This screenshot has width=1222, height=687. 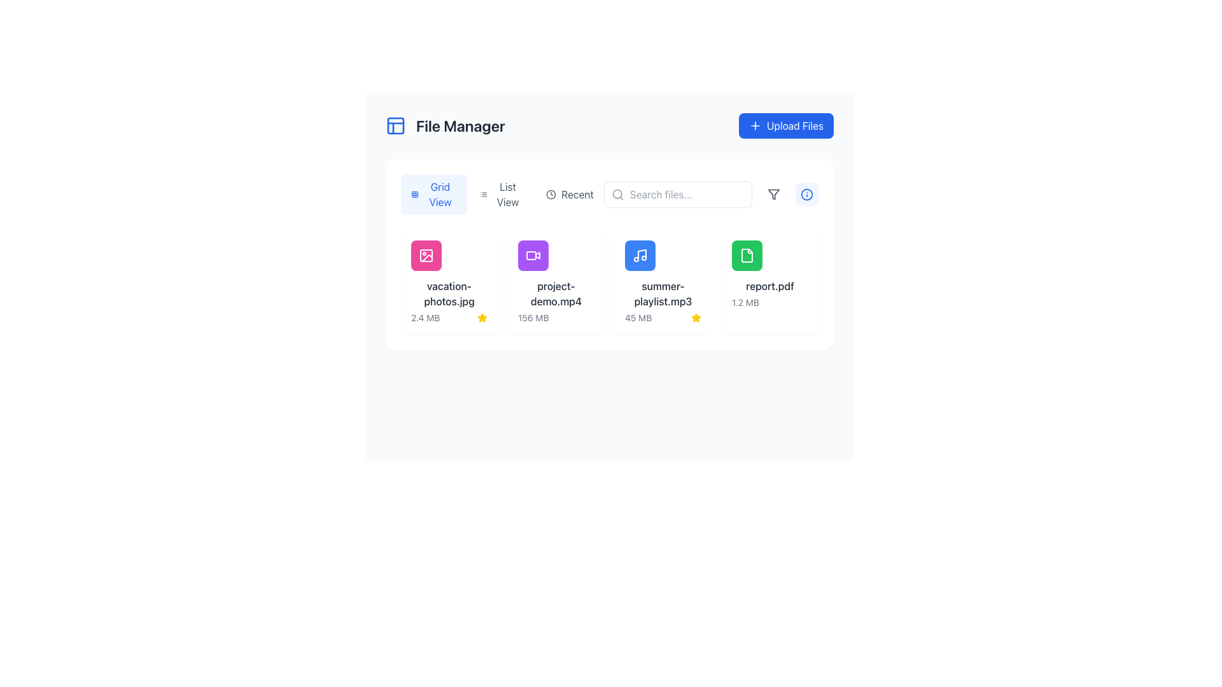 What do you see at coordinates (747, 255) in the screenshot?
I see `the file icon labeled 'report.pdf' in the file manager interface` at bounding box center [747, 255].